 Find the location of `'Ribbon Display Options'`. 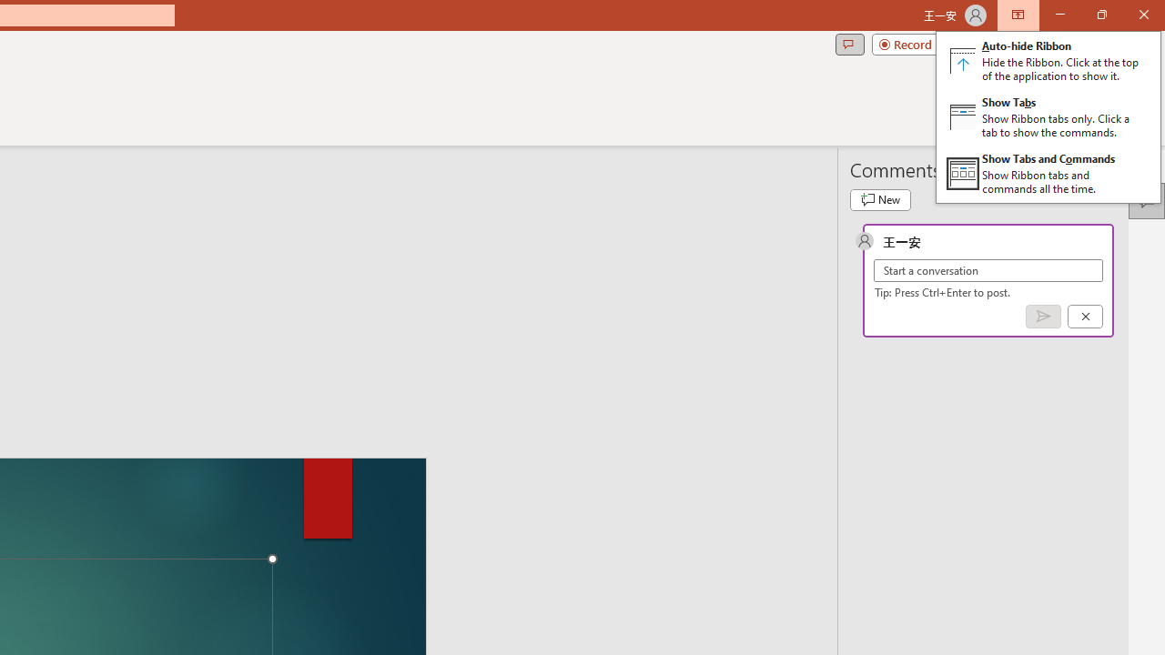

'Ribbon Display Options' is located at coordinates (1017, 15).